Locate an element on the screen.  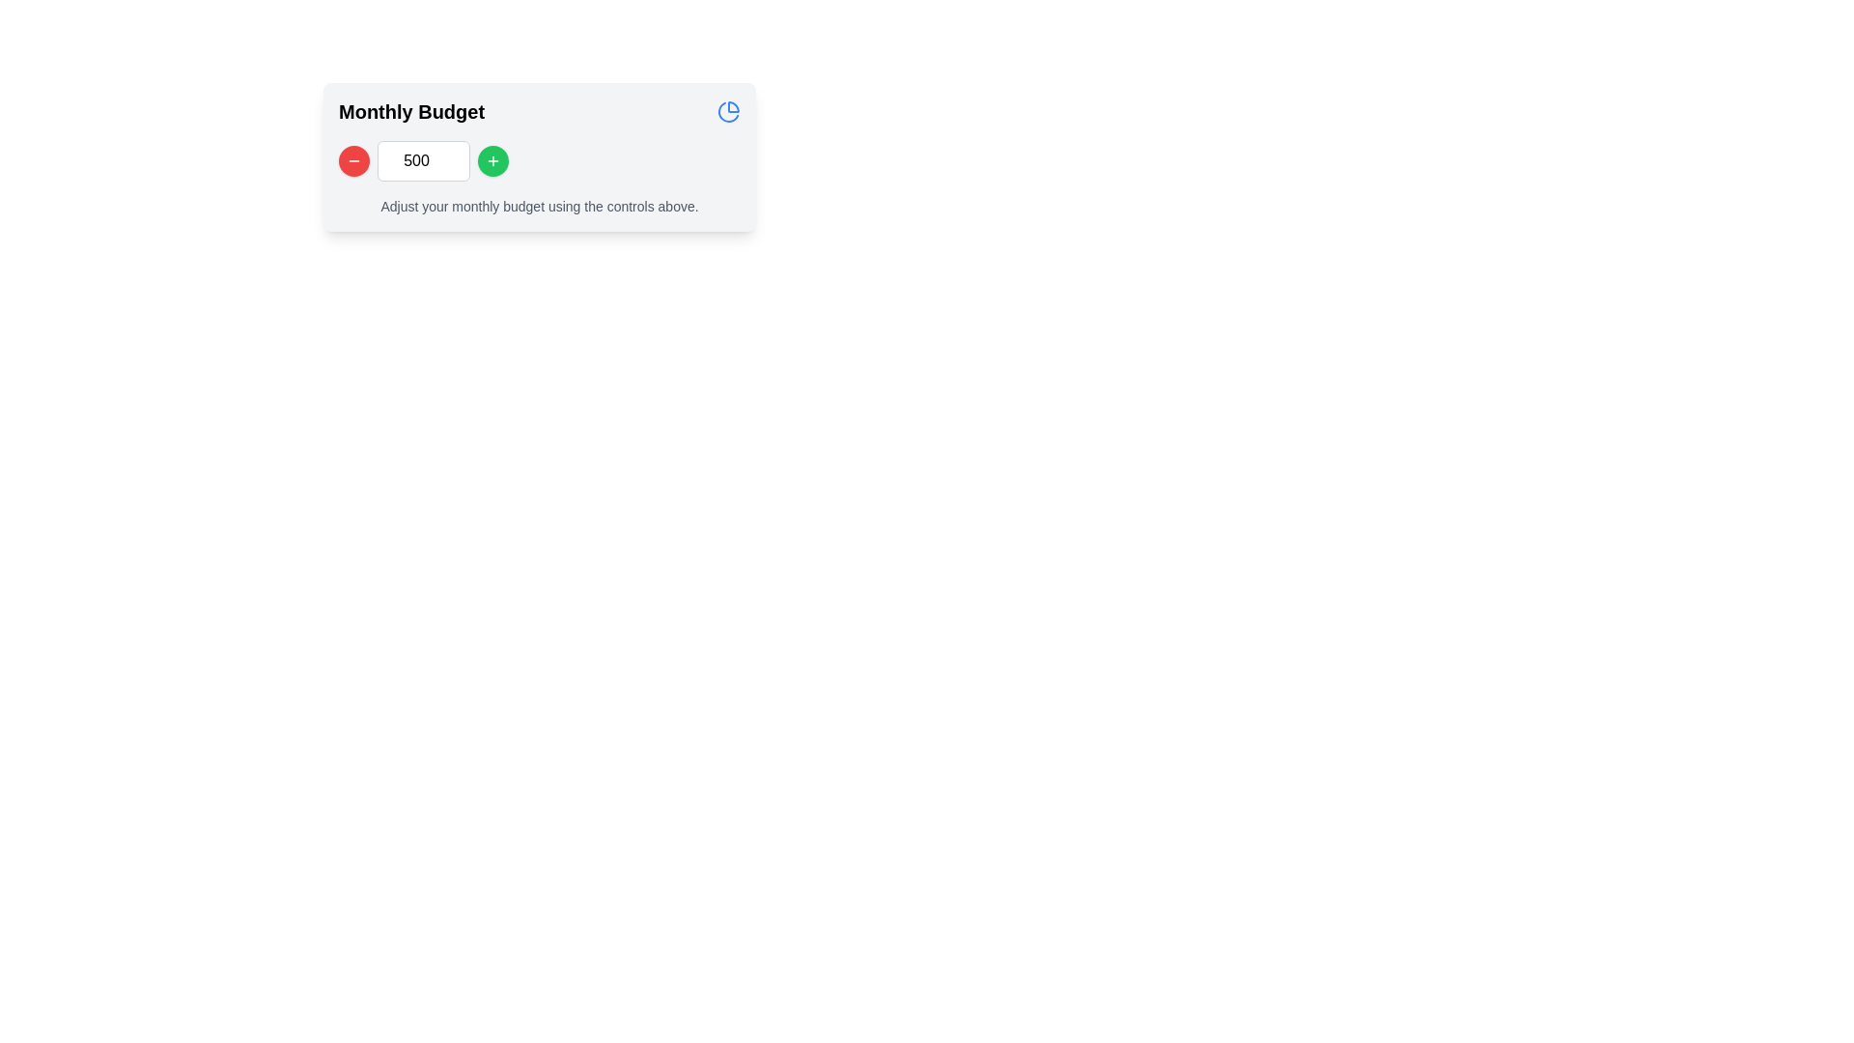
the upper-right quadrant segment of the pie chart to trigger interactions associated with it is located at coordinates (732, 107).